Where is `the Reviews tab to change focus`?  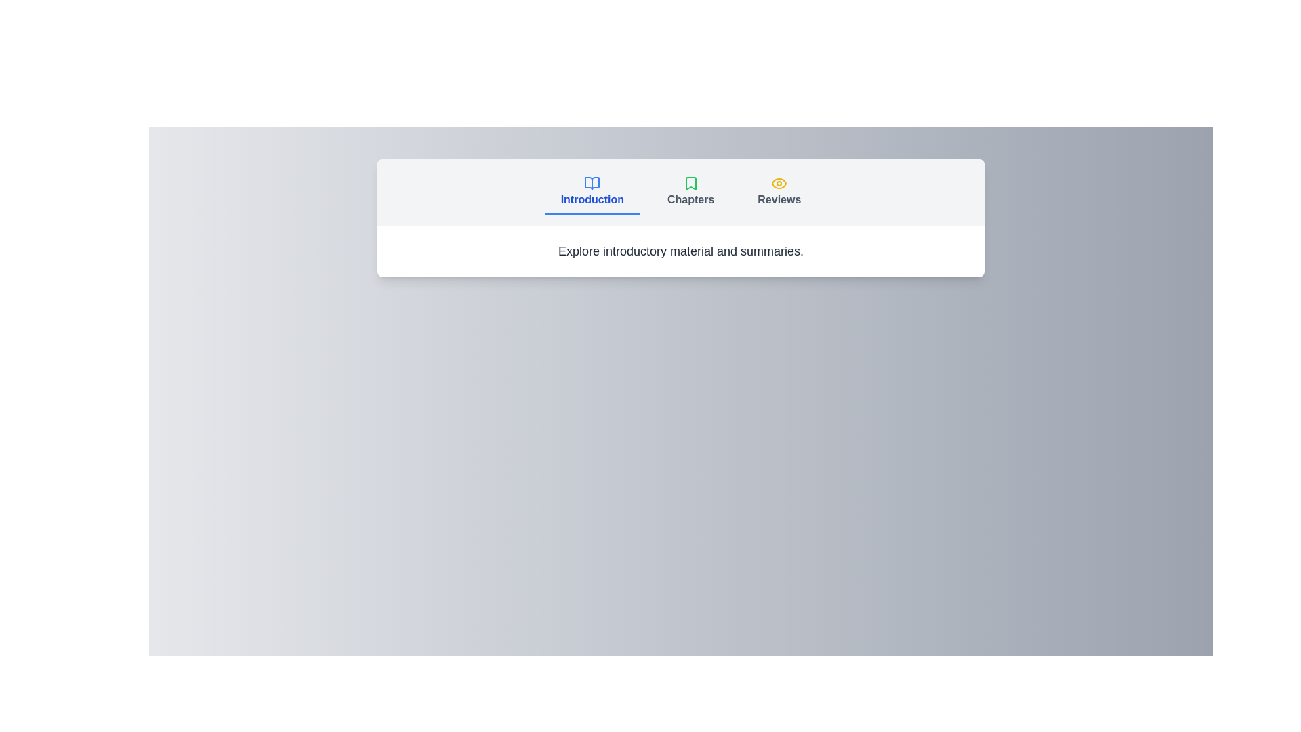
the Reviews tab to change focus is located at coordinates (779, 192).